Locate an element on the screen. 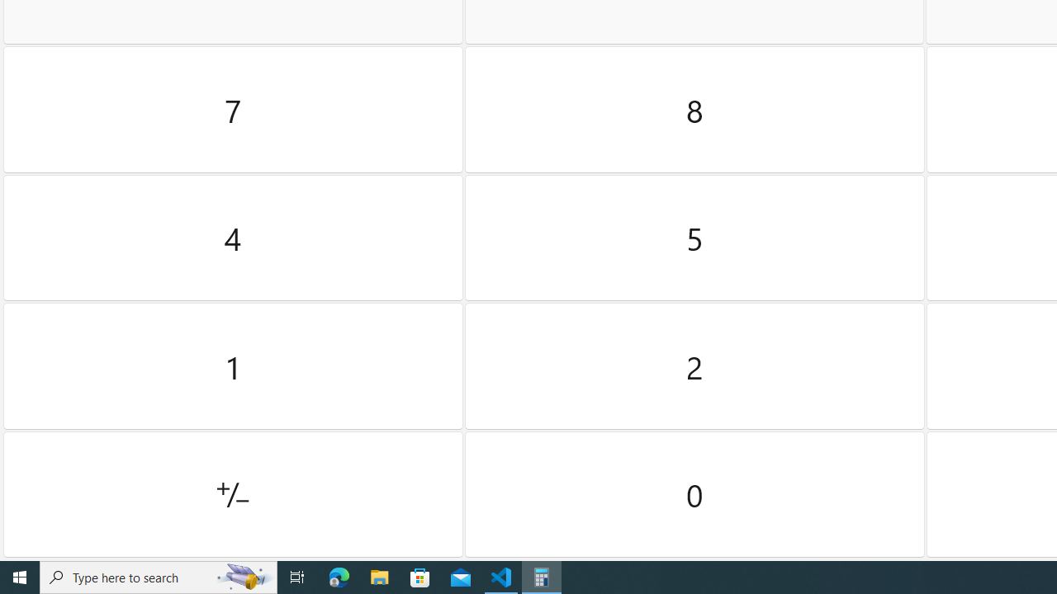 The height and width of the screenshot is (594, 1057). 'Two' is located at coordinates (694, 365).